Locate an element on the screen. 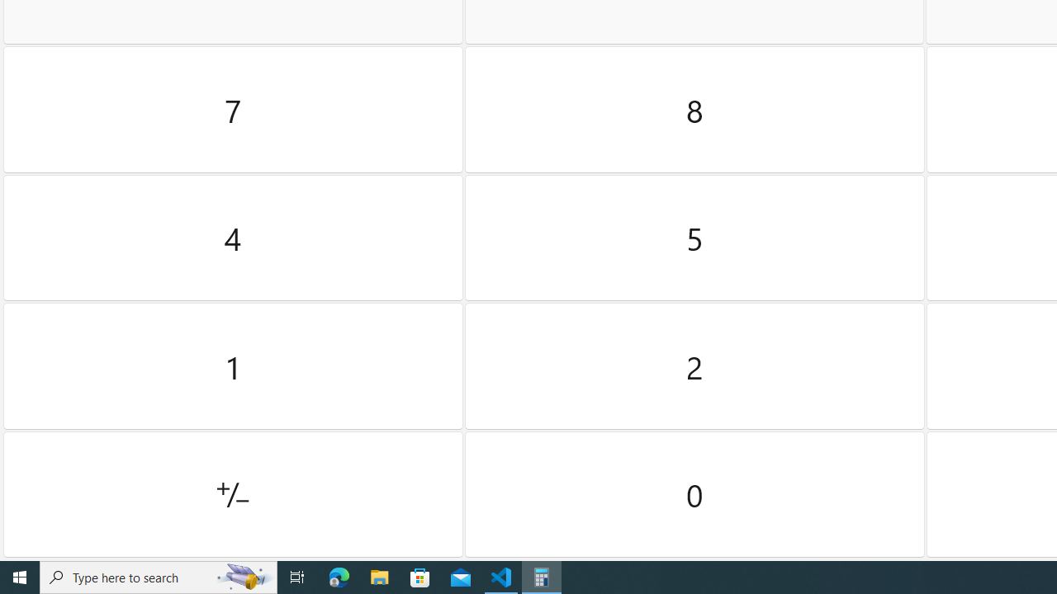 The height and width of the screenshot is (594, 1057). 'Two' is located at coordinates (694, 365).